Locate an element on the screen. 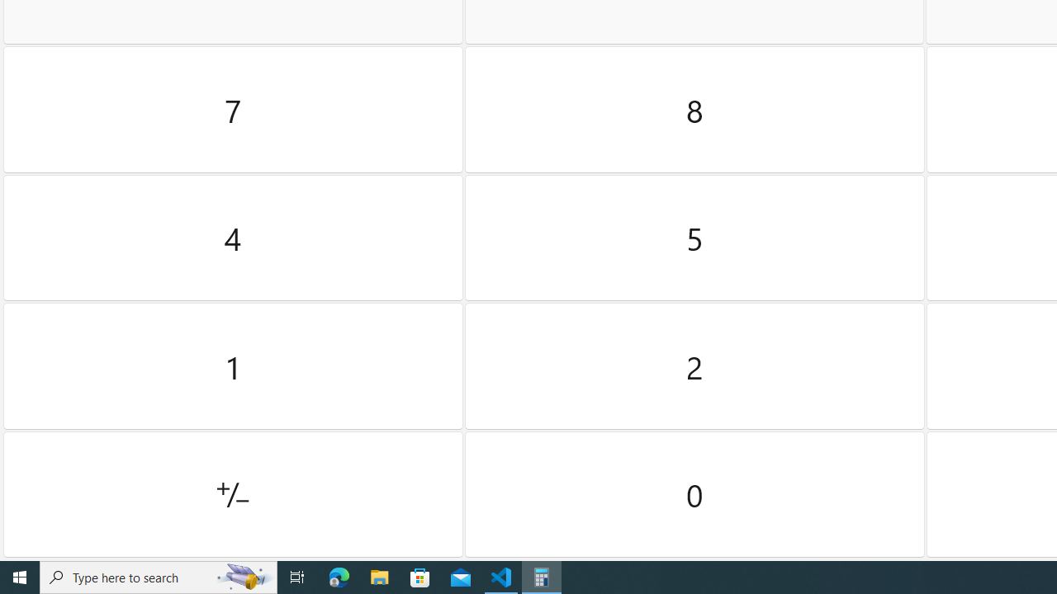 The height and width of the screenshot is (594, 1057). 'Two' is located at coordinates (694, 365).